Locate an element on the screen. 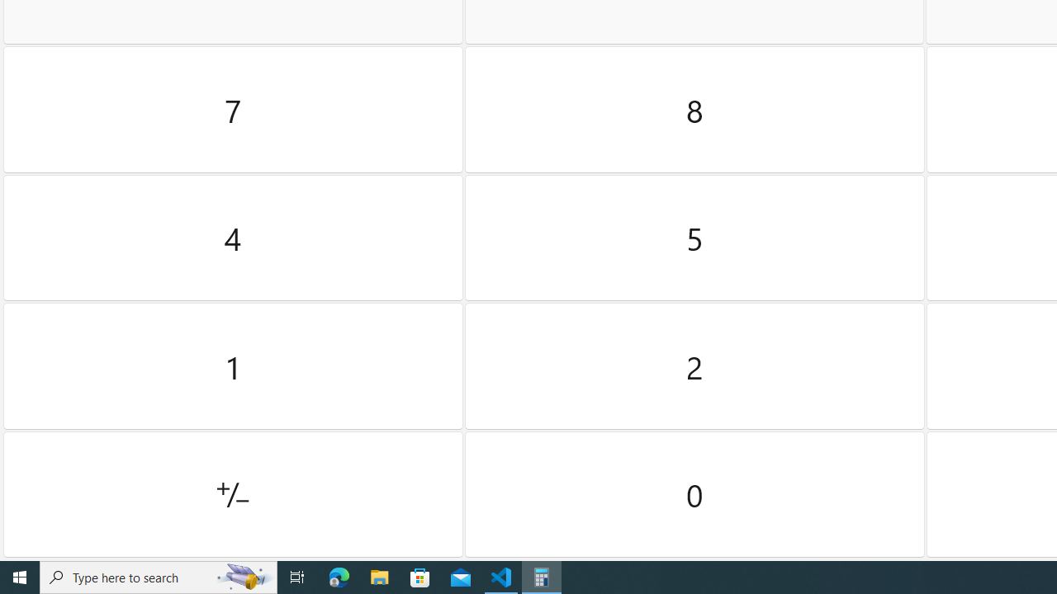 The height and width of the screenshot is (594, 1057). 'Two' is located at coordinates (694, 365).